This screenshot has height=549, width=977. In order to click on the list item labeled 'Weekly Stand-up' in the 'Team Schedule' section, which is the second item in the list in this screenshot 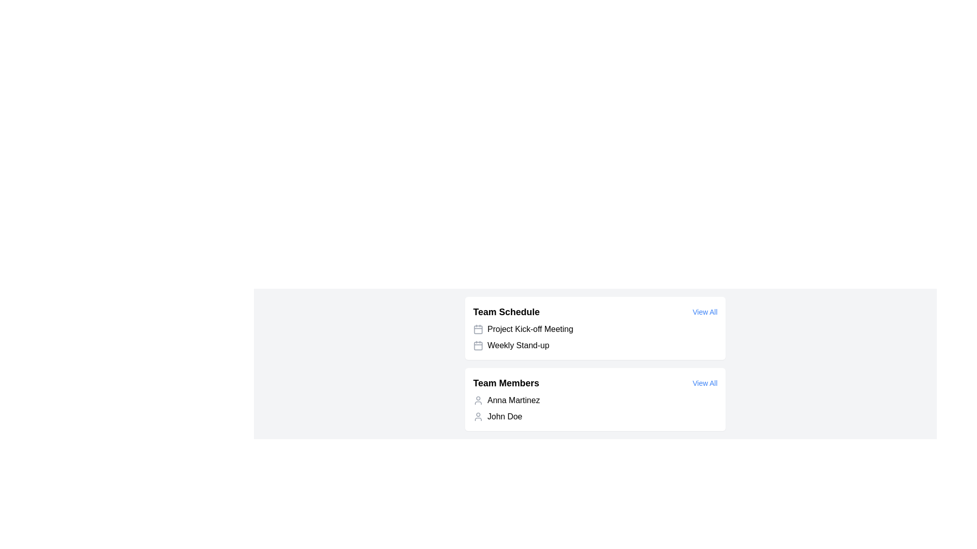, I will do `click(595, 345)`.